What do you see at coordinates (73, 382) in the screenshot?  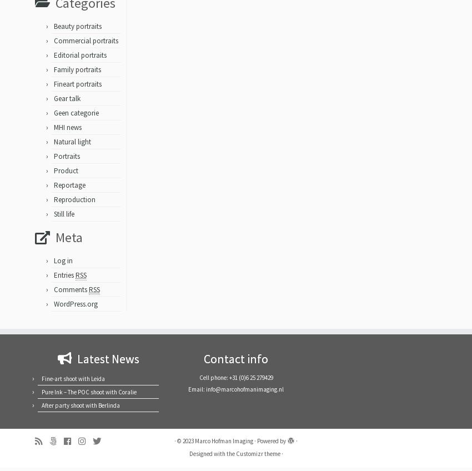 I see `'Fine-art shoot with Leida'` at bounding box center [73, 382].